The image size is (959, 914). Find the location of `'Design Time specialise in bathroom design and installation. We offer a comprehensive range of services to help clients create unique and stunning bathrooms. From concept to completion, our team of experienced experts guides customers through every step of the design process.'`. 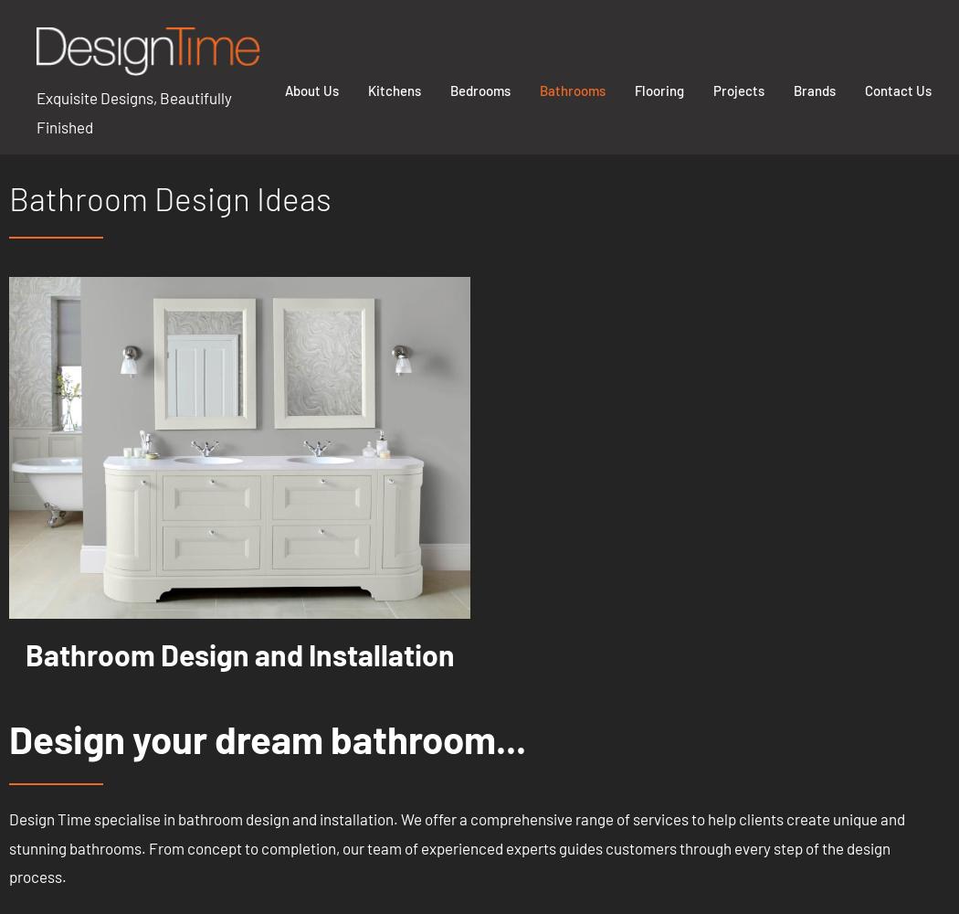

'Design Time specialise in bathroom design and installation. We offer a comprehensive range of services to help clients create unique and stunning bathrooms. From concept to completion, our team of experienced experts guides customers through every step of the design process.' is located at coordinates (8, 847).